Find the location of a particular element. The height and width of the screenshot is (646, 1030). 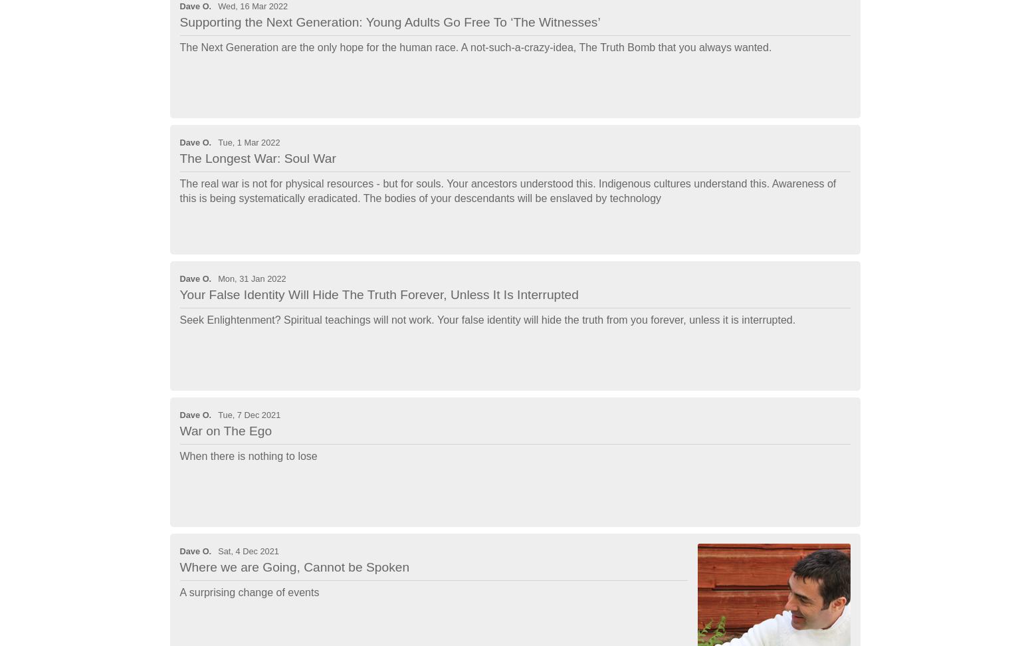

'Your False Identity Will Hide The Truth Forever, Unless It Is Interrupted' is located at coordinates (378, 293).